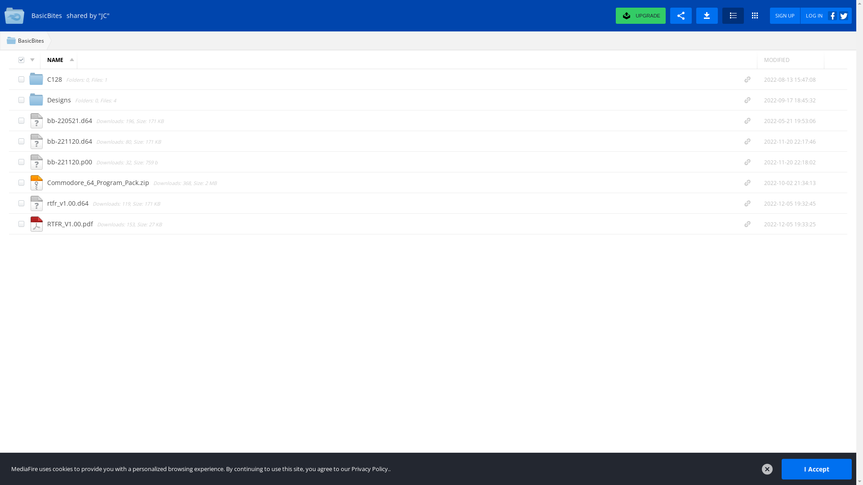  What do you see at coordinates (55, 78) in the screenshot?
I see `'C128'` at bounding box center [55, 78].